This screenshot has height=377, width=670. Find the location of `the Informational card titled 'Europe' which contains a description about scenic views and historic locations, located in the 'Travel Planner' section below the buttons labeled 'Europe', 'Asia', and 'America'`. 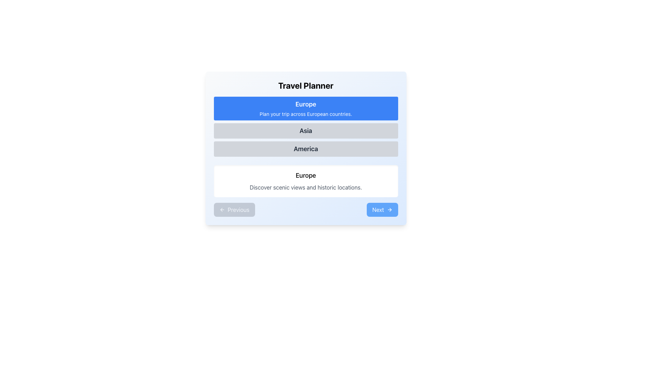

the Informational card titled 'Europe' which contains a description about scenic views and historic locations, located in the 'Travel Planner' section below the buttons labeled 'Europe', 'Asia', and 'America' is located at coordinates (306, 181).